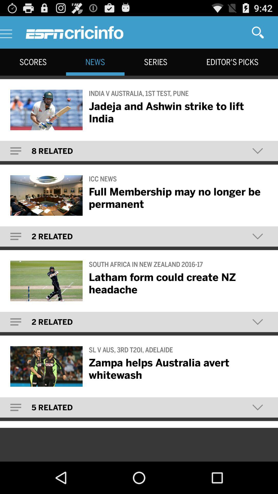 The width and height of the screenshot is (278, 494). I want to click on the icon right to 5 related, so click(258, 407).